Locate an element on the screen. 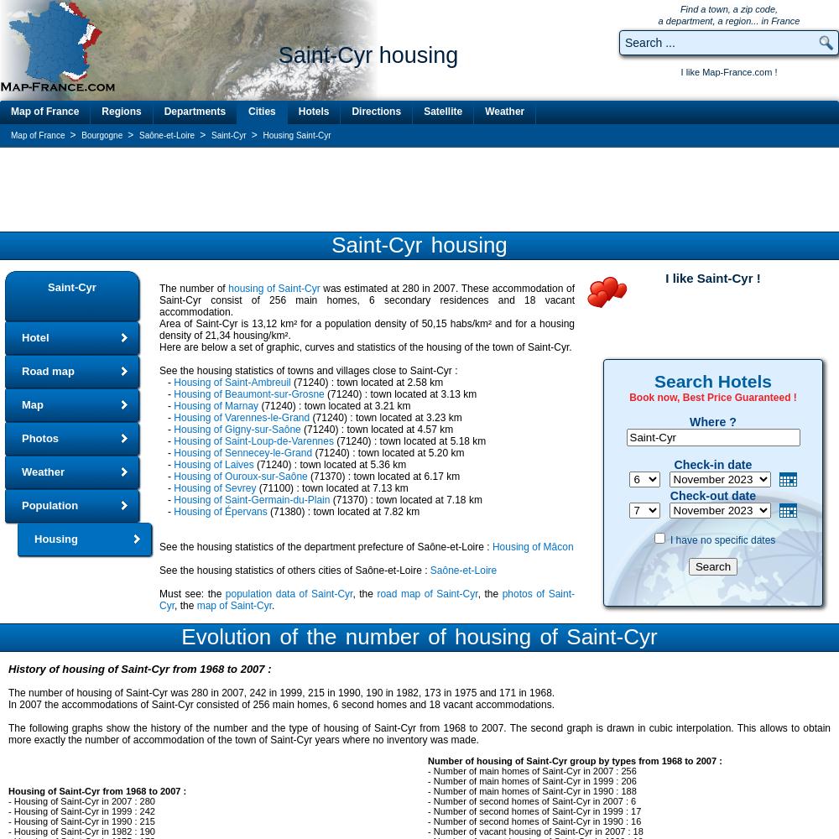 The image size is (839, 839). '- Housing of Saint-Cyr in 1990 : 215' is located at coordinates (8, 821).